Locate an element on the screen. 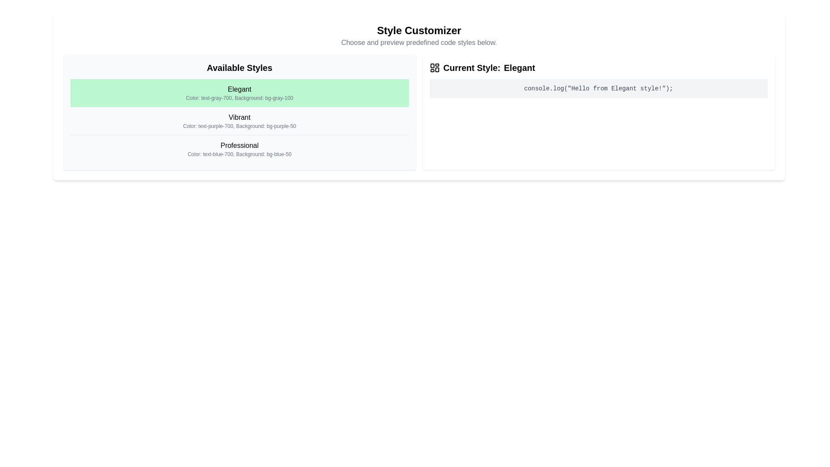 This screenshot has width=830, height=467. the static text label displaying 'Elegant' in bold, located in the 'Current Style' section, right of the 'Current Style:' label and the layout dashboard icon is located at coordinates (519, 67).